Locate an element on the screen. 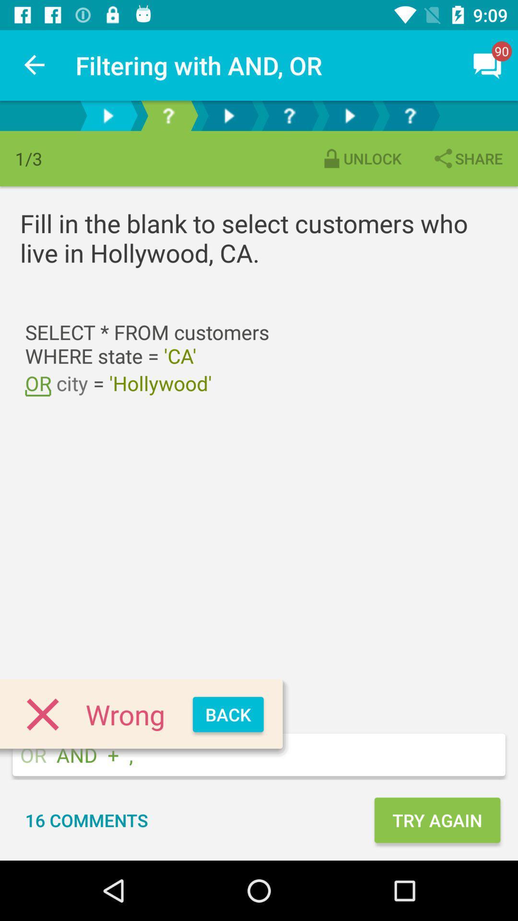  the icon next to the 16 comments is located at coordinates (437, 819).